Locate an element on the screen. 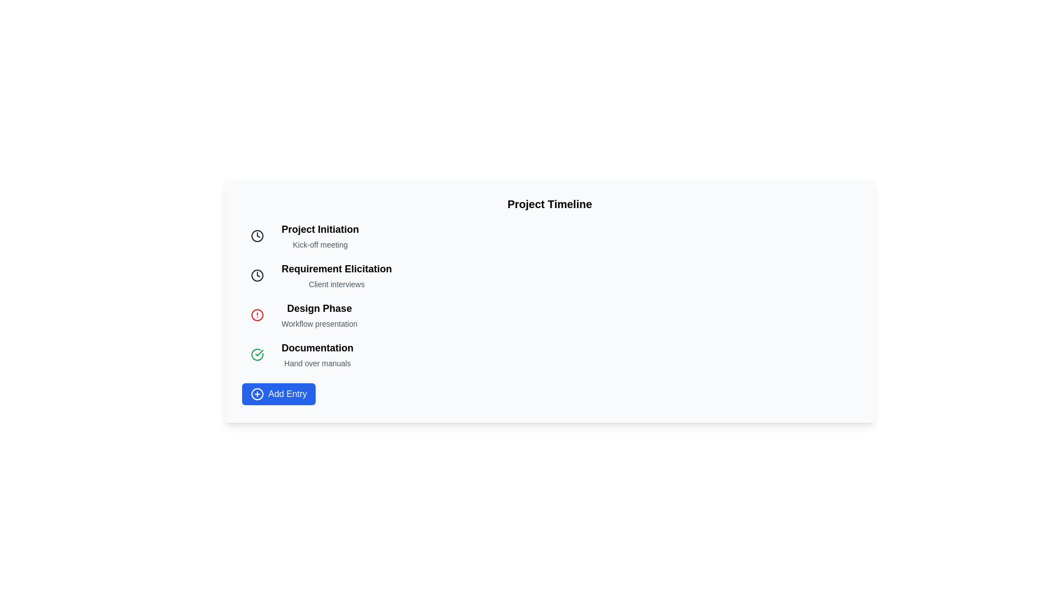  the 'Requirement Elicitation' icon located on the second row of the list in the UI, which signifies time or duration for this phase is located at coordinates (257, 235).